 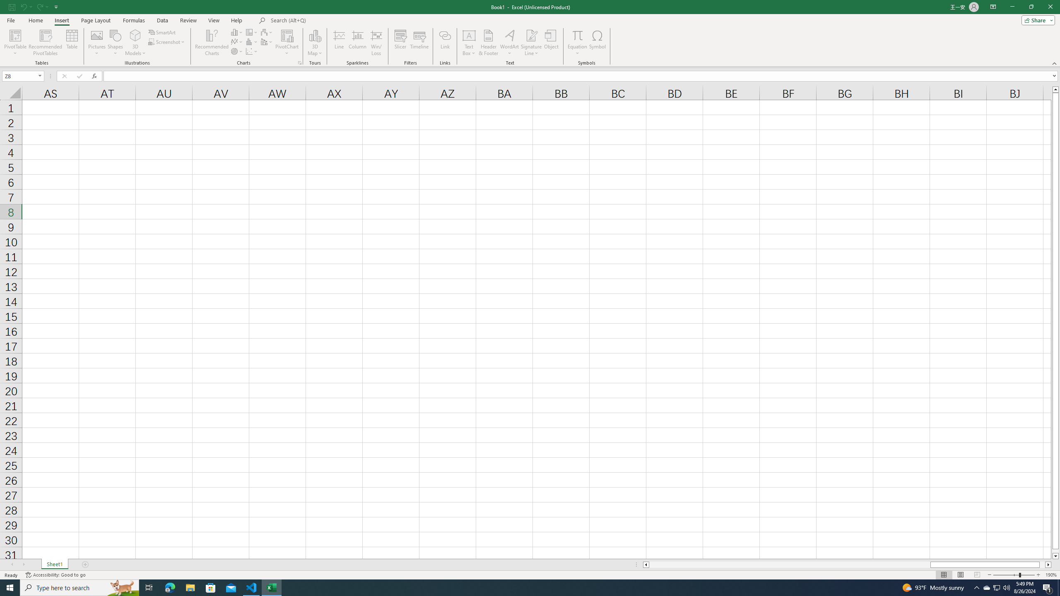 What do you see at coordinates (135, 35) in the screenshot?
I see `'3D Models'` at bounding box center [135, 35].